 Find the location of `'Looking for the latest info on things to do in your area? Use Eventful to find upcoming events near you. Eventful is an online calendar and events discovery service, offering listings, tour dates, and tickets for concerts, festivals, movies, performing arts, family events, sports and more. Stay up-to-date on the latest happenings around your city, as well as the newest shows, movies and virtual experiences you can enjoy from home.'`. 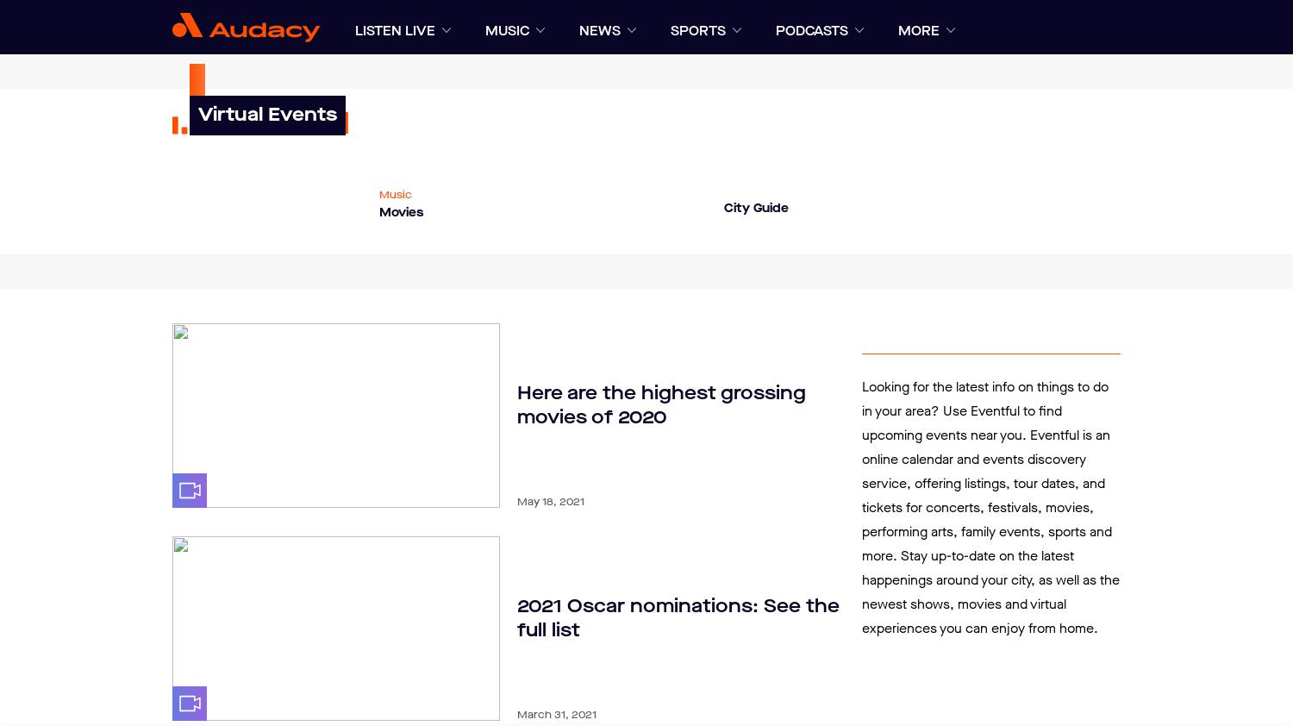

'Looking for the latest info on things to do in your area? Use Eventful to find upcoming events near you. Eventful is an online calendar and events discovery service, offering listings, tour dates, and tickets for concerts, festivals, movies, performing arts, family events, sports and more. Stay up-to-date on the latest happenings around your city, as well as the newest shows, movies and virtual experiences you can enjoy from home.' is located at coordinates (990, 506).